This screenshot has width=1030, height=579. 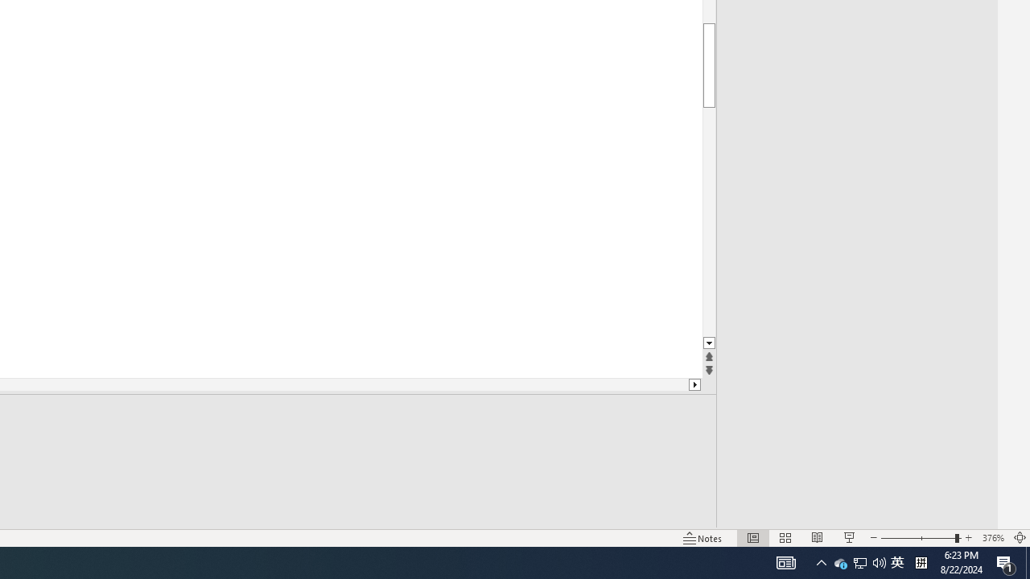 What do you see at coordinates (968, 538) in the screenshot?
I see `'Zoom In'` at bounding box center [968, 538].